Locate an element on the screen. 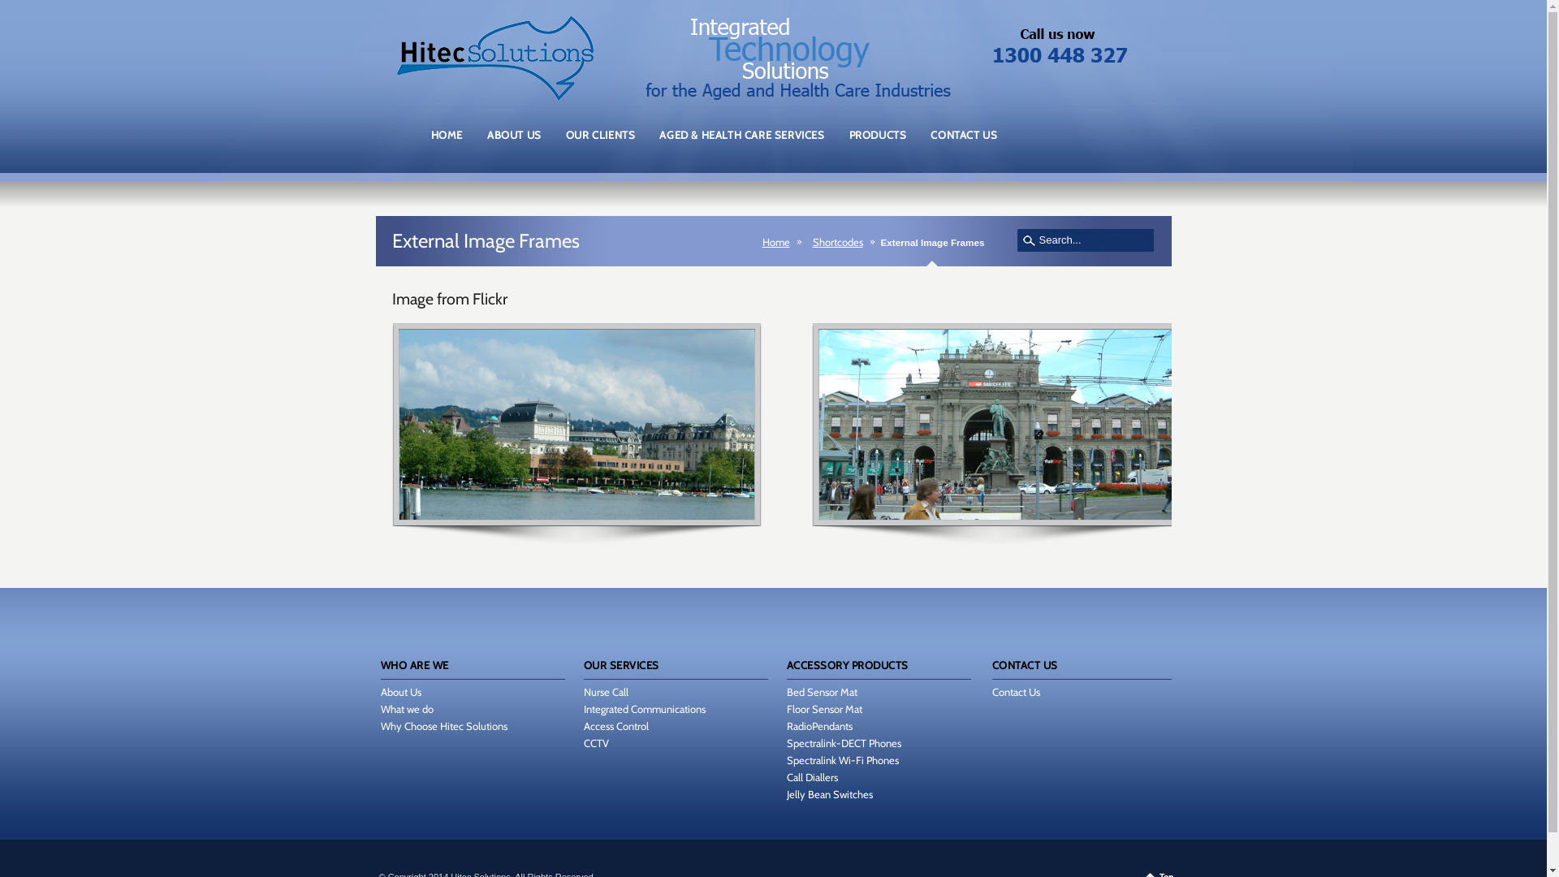  'Contact Us' is located at coordinates (991, 692).